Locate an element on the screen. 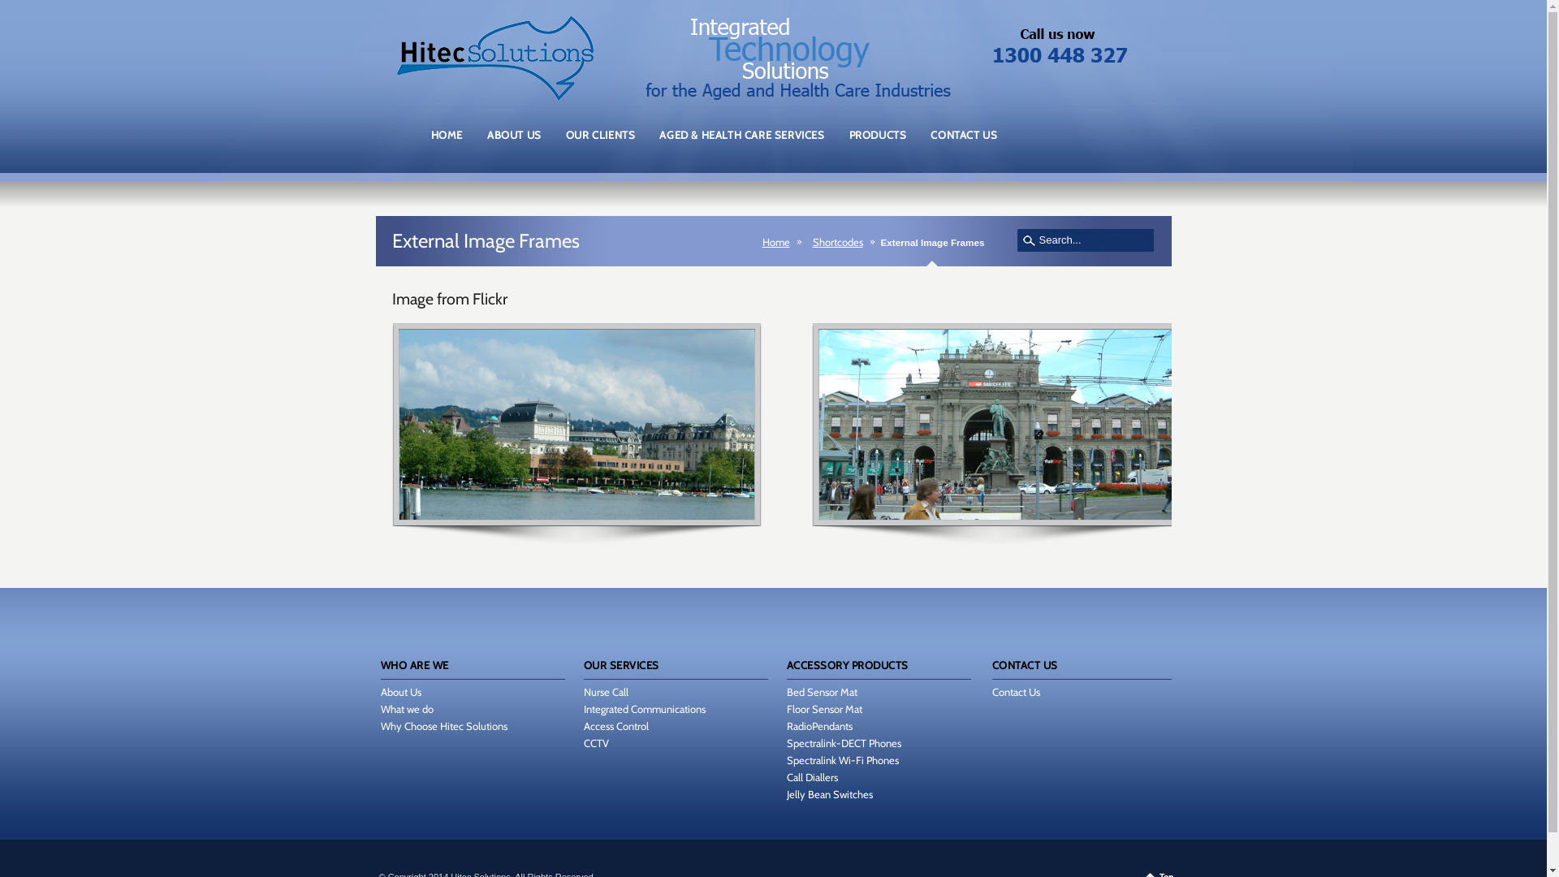  'Contact Us' is located at coordinates (991, 692).